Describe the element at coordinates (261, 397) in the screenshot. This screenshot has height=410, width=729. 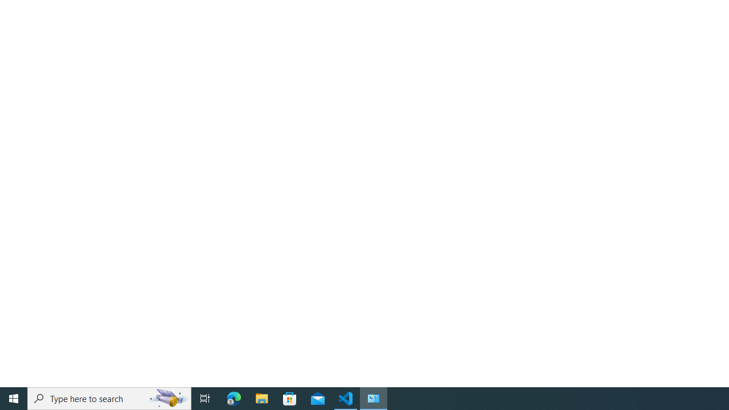
I see `'File Explorer'` at that location.